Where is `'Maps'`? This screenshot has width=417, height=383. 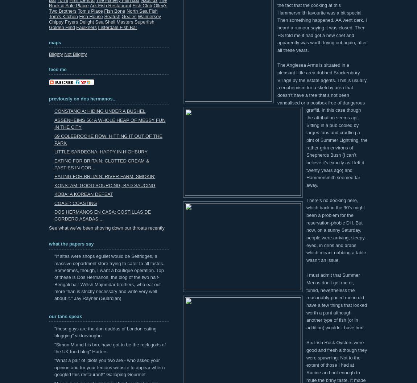
'Maps' is located at coordinates (54, 42).